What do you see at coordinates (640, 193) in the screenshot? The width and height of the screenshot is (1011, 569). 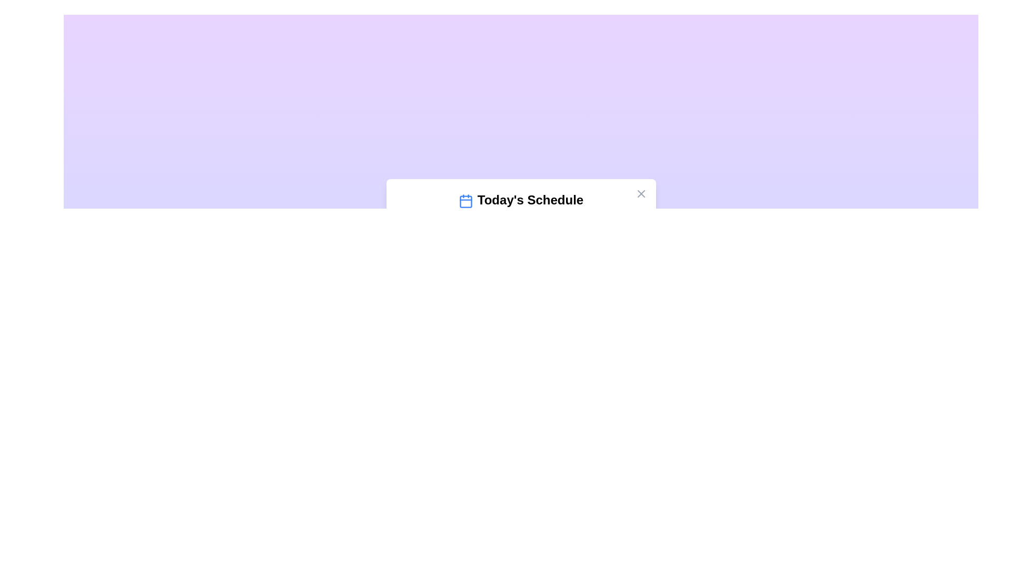 I see `the gray cross icon button located at the top-right corner of the 'Today's Schedule' card` at bounding box center [640, 193].